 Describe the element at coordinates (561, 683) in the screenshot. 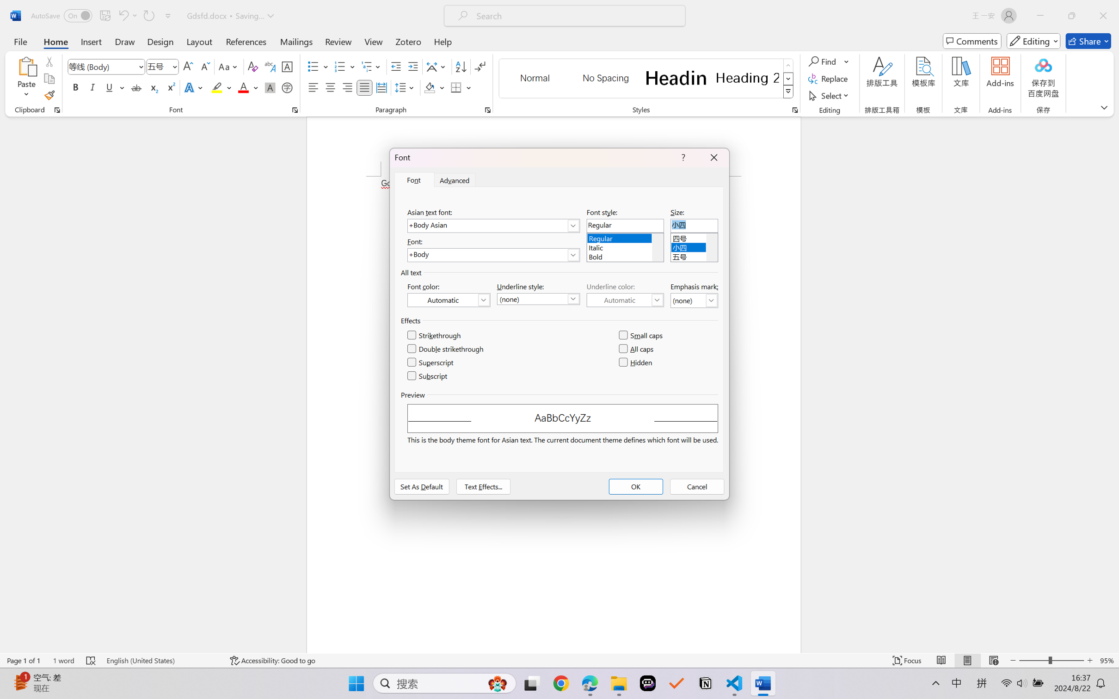

I see `'Google Chrome'` at that location.